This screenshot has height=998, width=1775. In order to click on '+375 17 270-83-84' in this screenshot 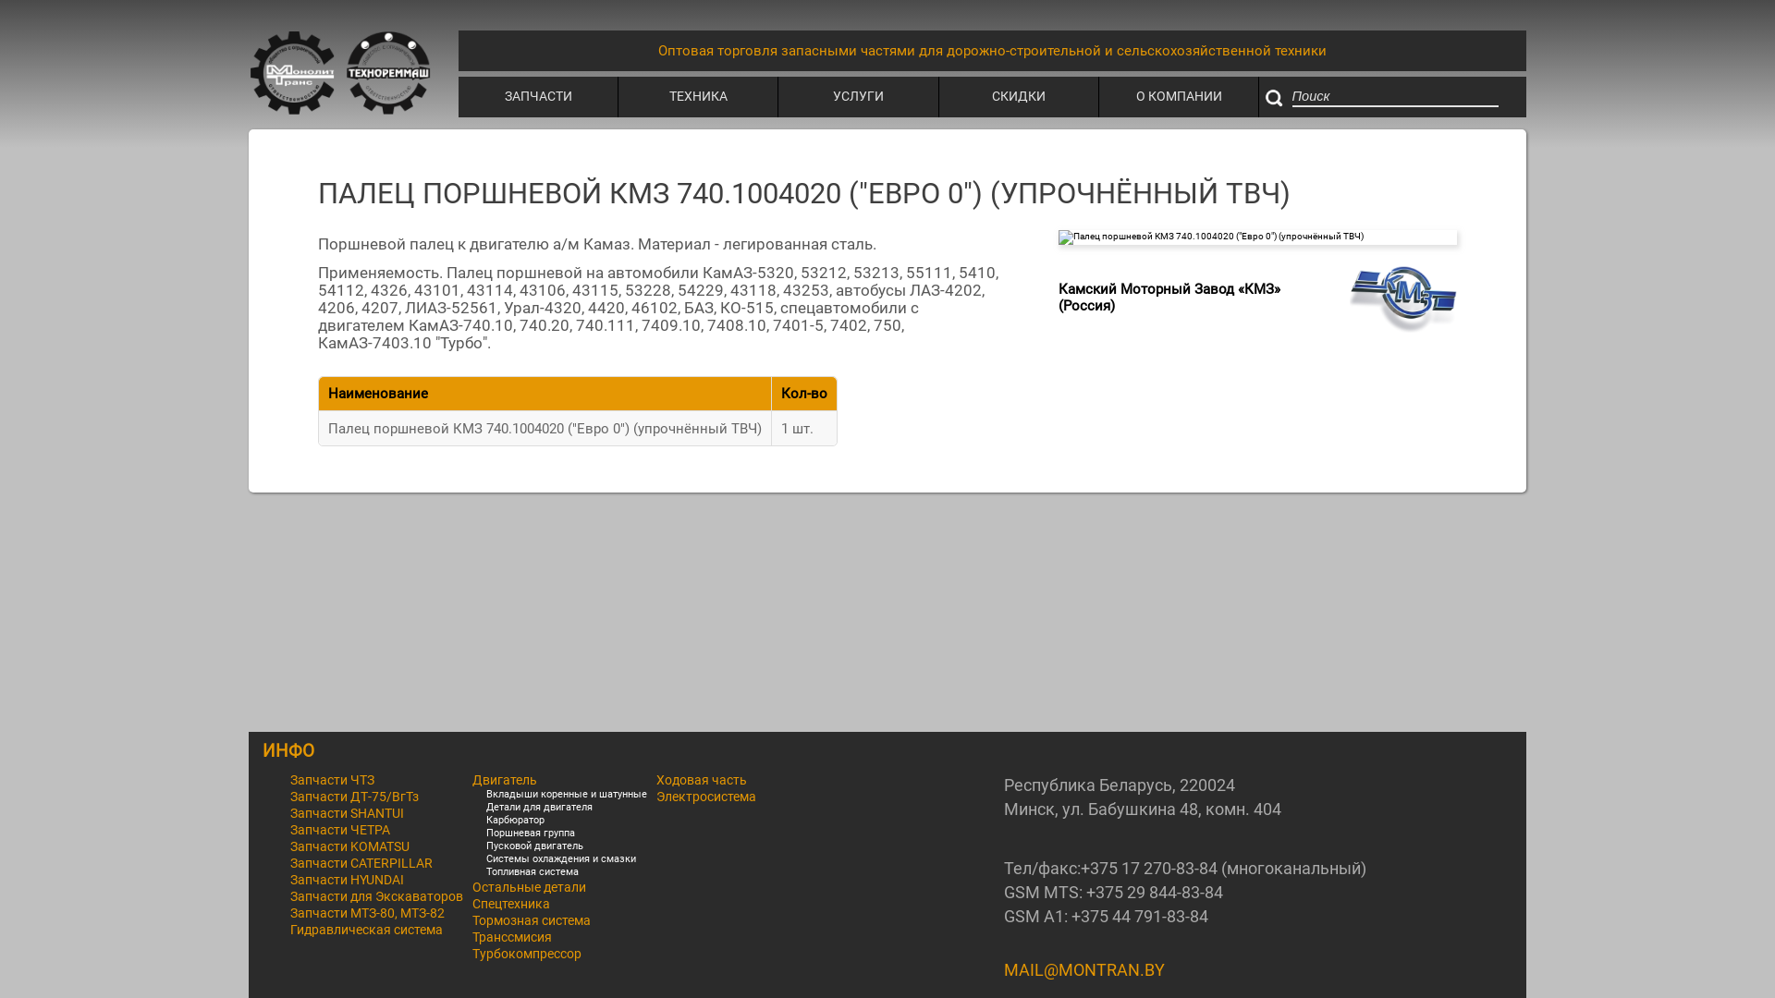, I will do `click(1148, 869)`.